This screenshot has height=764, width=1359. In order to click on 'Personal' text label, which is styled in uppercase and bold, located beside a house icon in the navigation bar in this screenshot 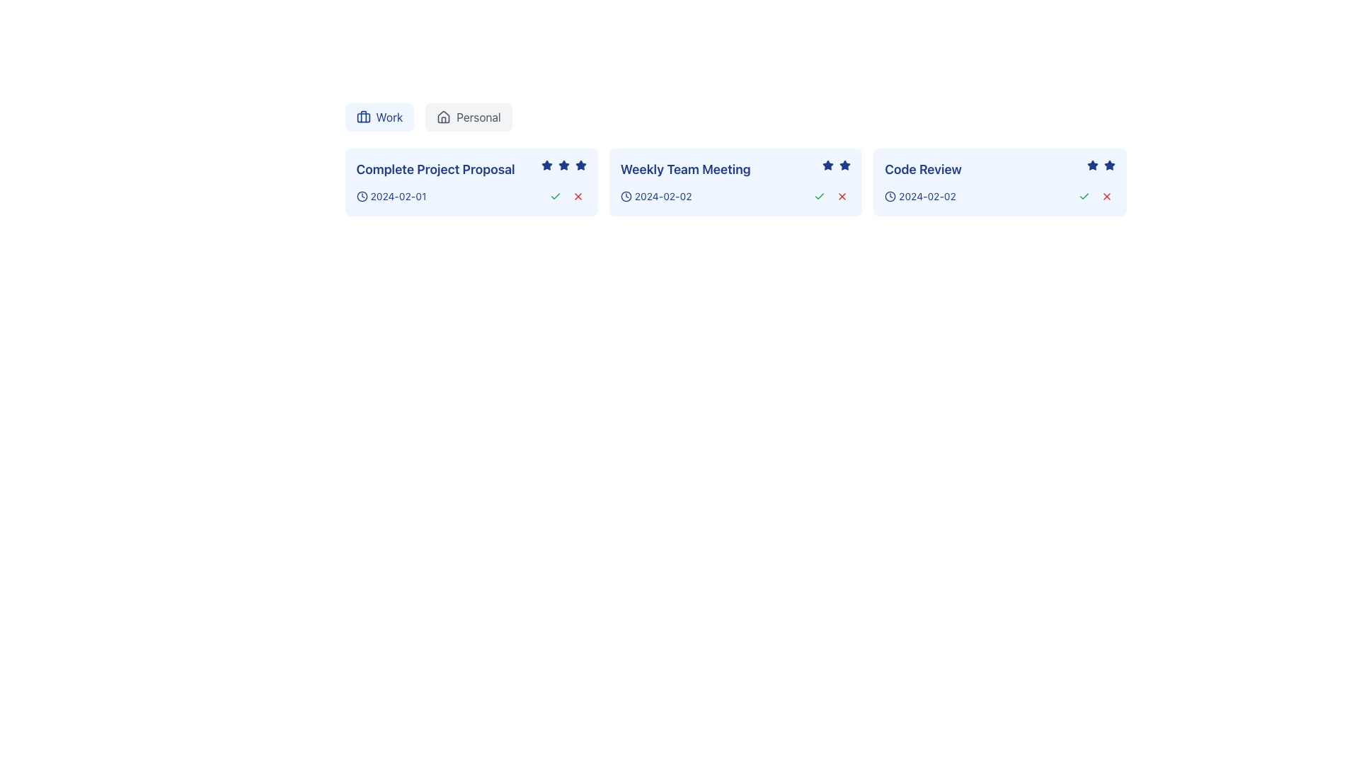, I will do `click(478, 116)`.